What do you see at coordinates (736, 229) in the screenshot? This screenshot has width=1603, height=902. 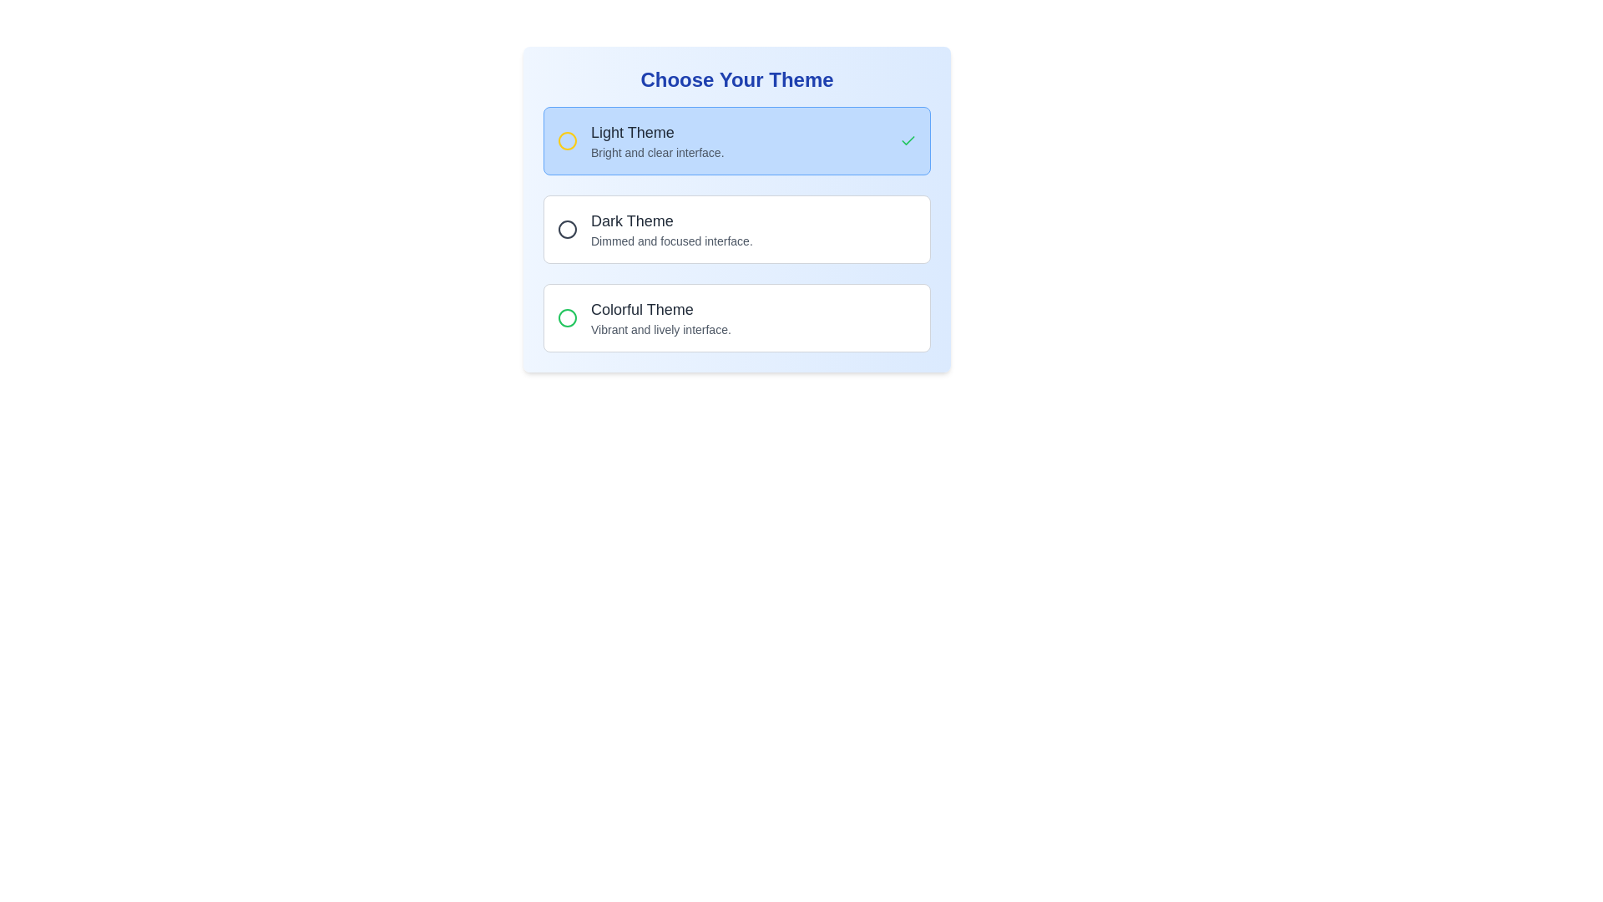 I see `the 'Dark Theme' selectable option box, which is the second option in the 'Choose Your Theme' list, located between 'Light Theme' and 'Colorful Theme'` at bounding box center [736, 229].